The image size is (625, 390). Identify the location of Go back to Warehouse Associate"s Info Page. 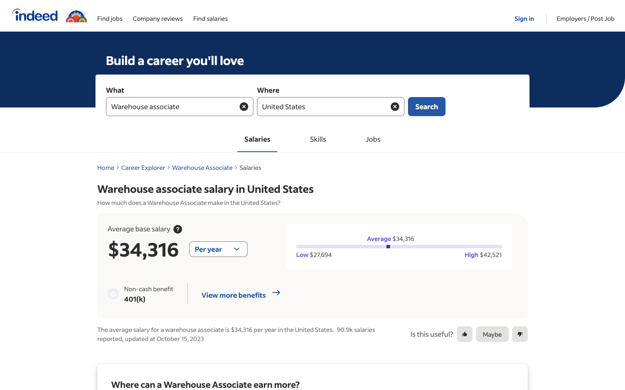
(202, 167).